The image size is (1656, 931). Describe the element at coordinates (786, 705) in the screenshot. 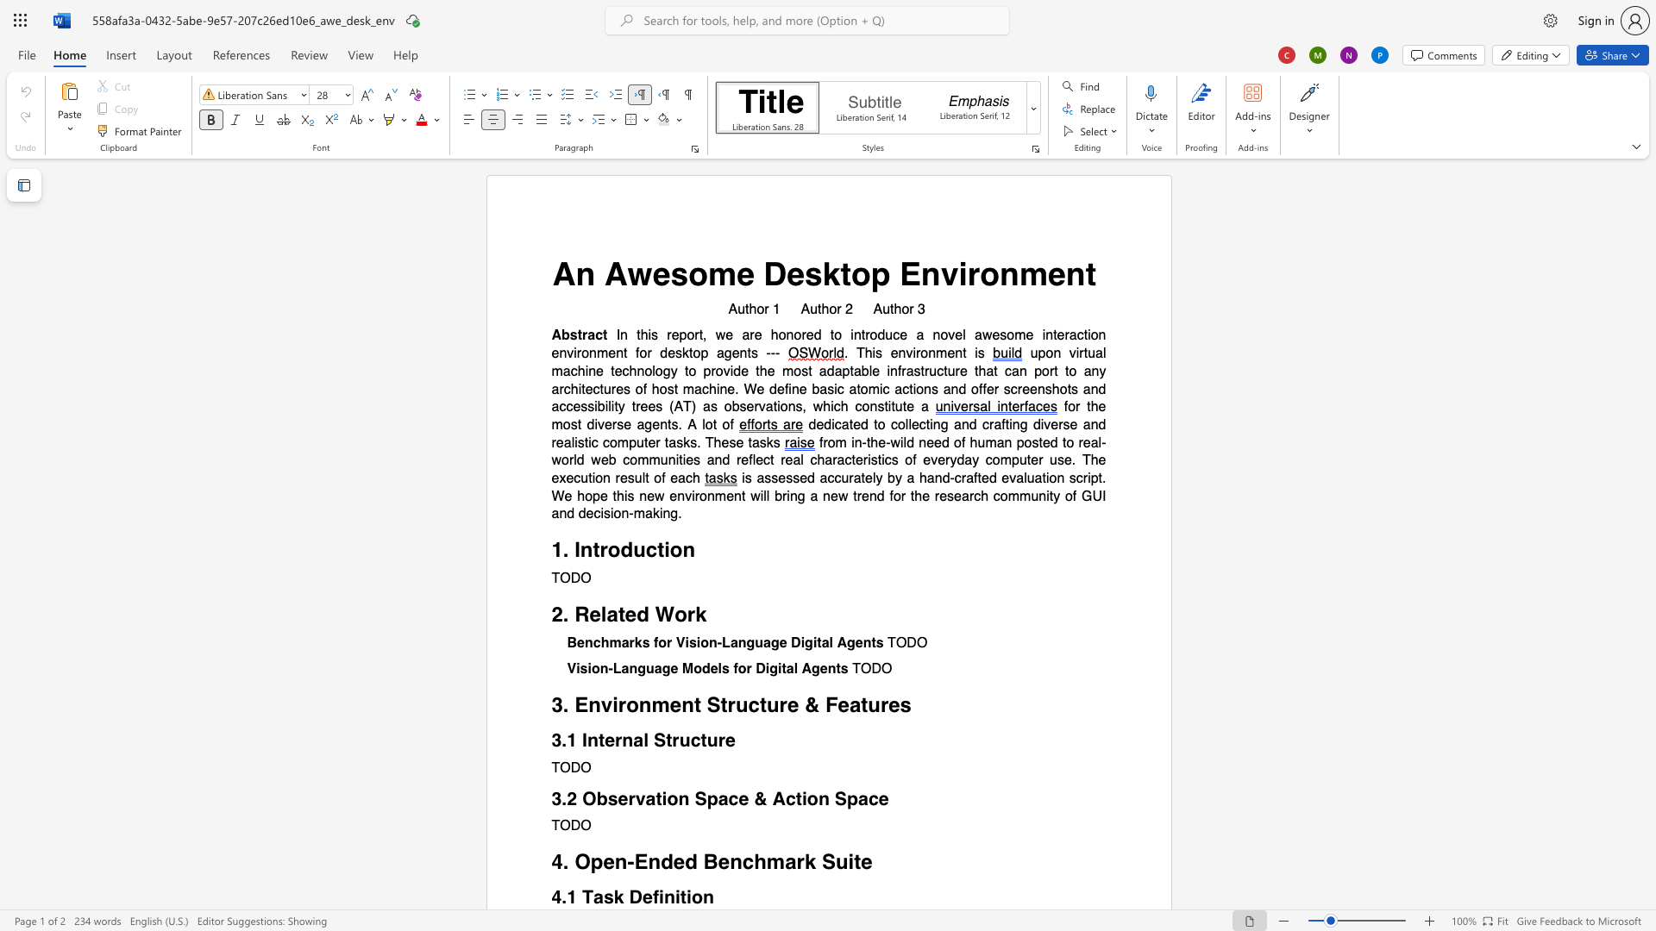

I see `the subset text "e & Featu" within the text "3. Environment Structure & Features"` at that location.